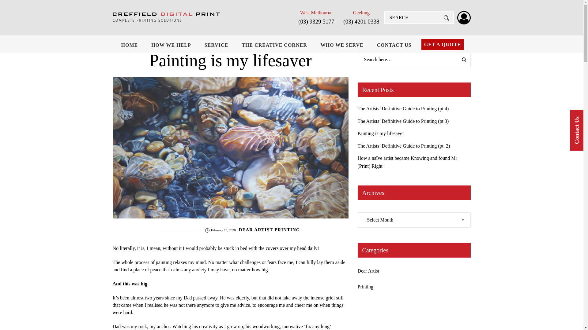  I want to click on 'Printing', so click(366, 287).